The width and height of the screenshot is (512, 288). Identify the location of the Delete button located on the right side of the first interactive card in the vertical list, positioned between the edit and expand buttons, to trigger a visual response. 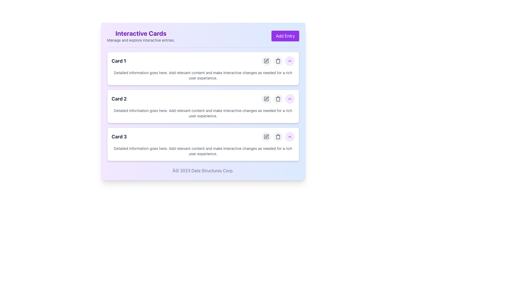
(278, 61).